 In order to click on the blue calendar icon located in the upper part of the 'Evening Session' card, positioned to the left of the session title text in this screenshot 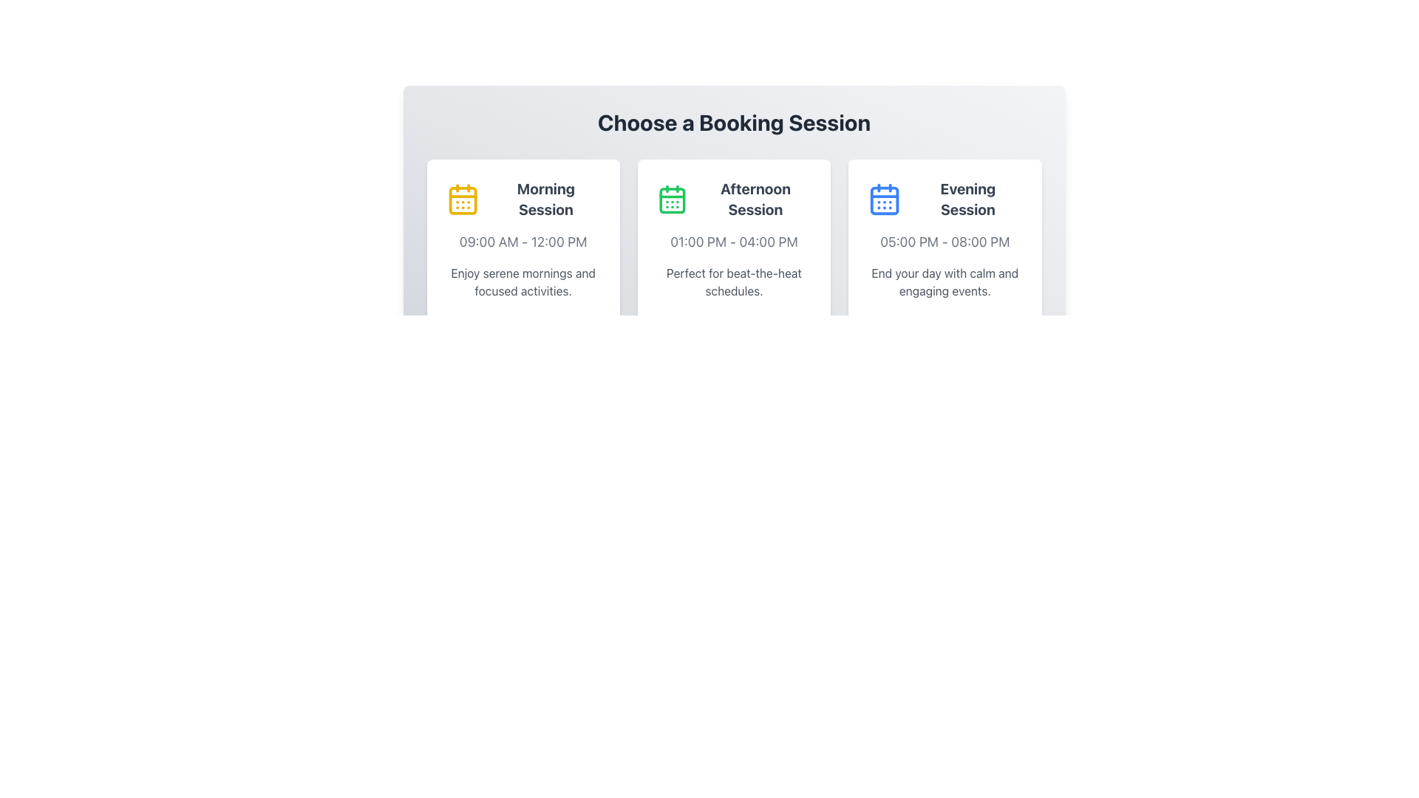, I will do `click(885, 199)`.